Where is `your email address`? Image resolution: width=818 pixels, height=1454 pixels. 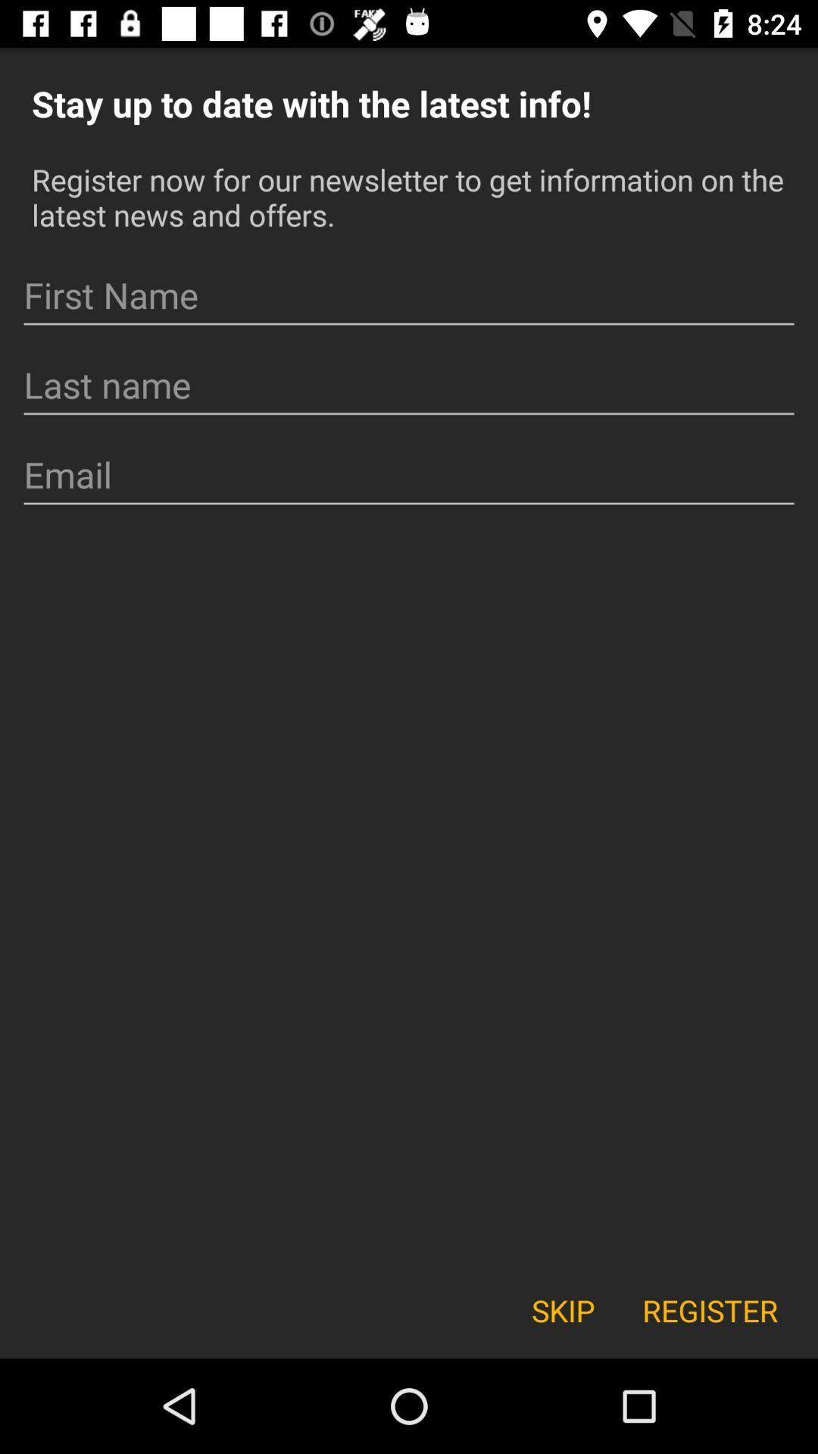 your email address is located at coordinates (409, 474).